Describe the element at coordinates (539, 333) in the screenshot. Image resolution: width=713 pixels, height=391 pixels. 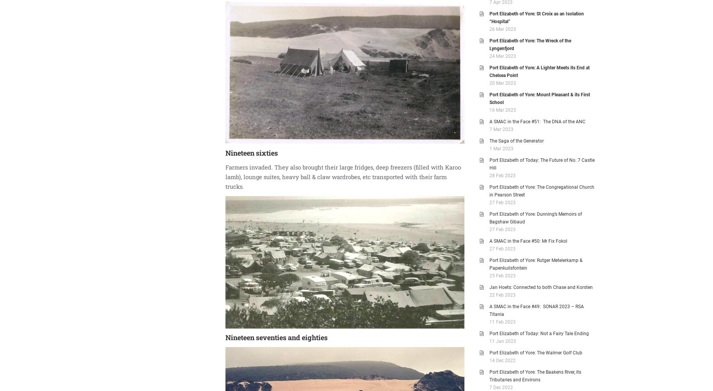
I see `'Port Elizabeth of Today: Not a Fairy Tale Ending'` at that location.